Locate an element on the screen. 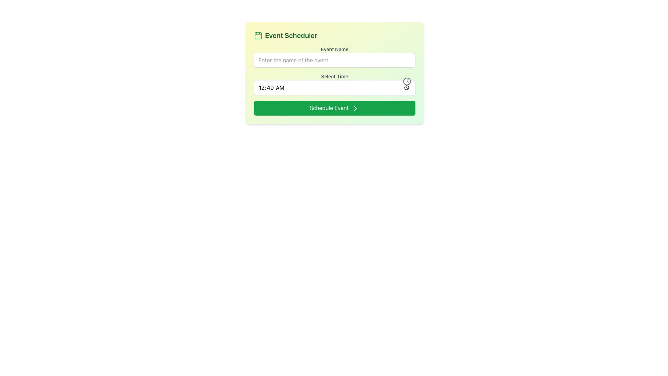 The width and height of the screenshot is (668, 376). the 'Event Name' label which displays the phrase in a medium-sized gray font, positioned above its associated input field is located at coordinates (334, 49).